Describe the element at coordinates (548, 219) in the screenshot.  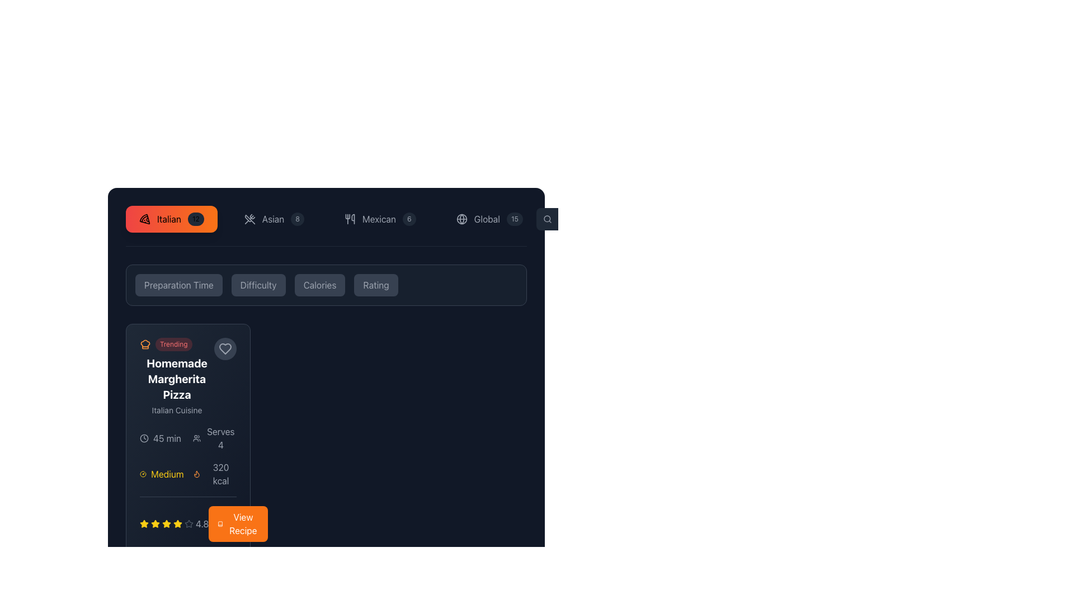
I see `the compact search icon with a light gray circular magnifying glass outline located towards the left side of the search bar to interact or display the tooltip` at that location.